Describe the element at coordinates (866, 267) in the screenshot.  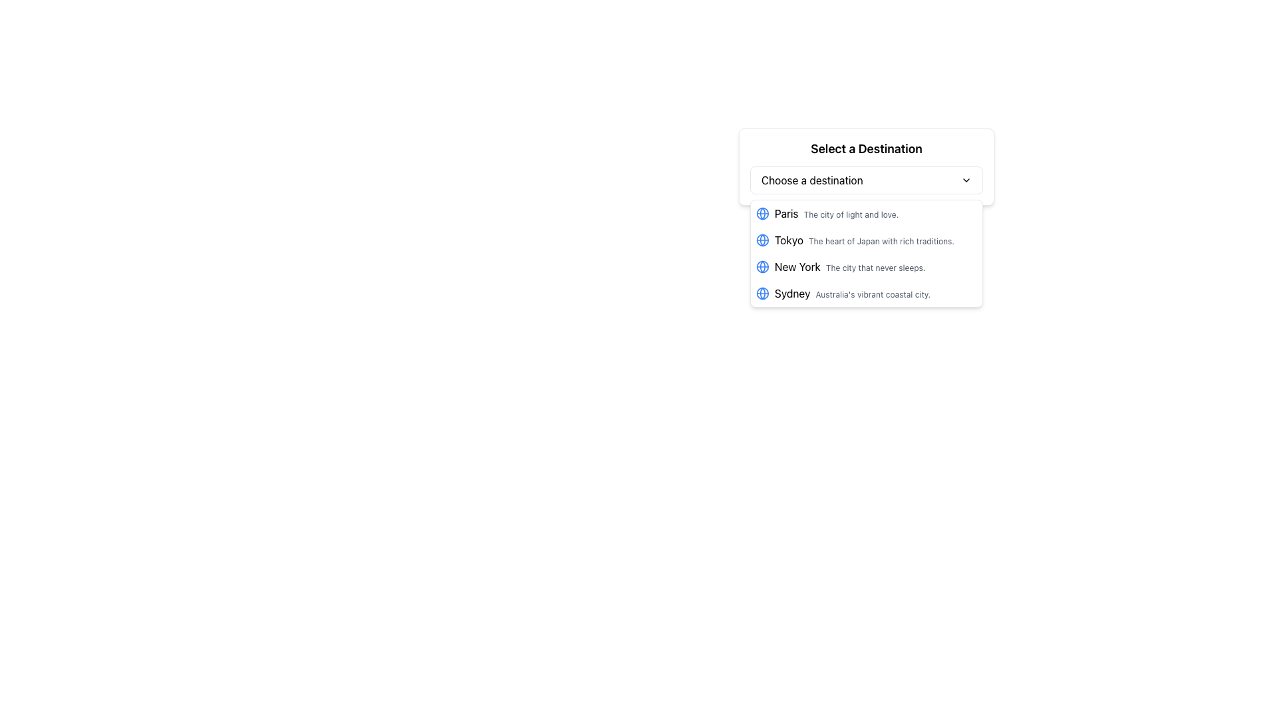
I see `the third list item labeled 'New York' in bold under the dropdown 'Select a Destination'` at that location.